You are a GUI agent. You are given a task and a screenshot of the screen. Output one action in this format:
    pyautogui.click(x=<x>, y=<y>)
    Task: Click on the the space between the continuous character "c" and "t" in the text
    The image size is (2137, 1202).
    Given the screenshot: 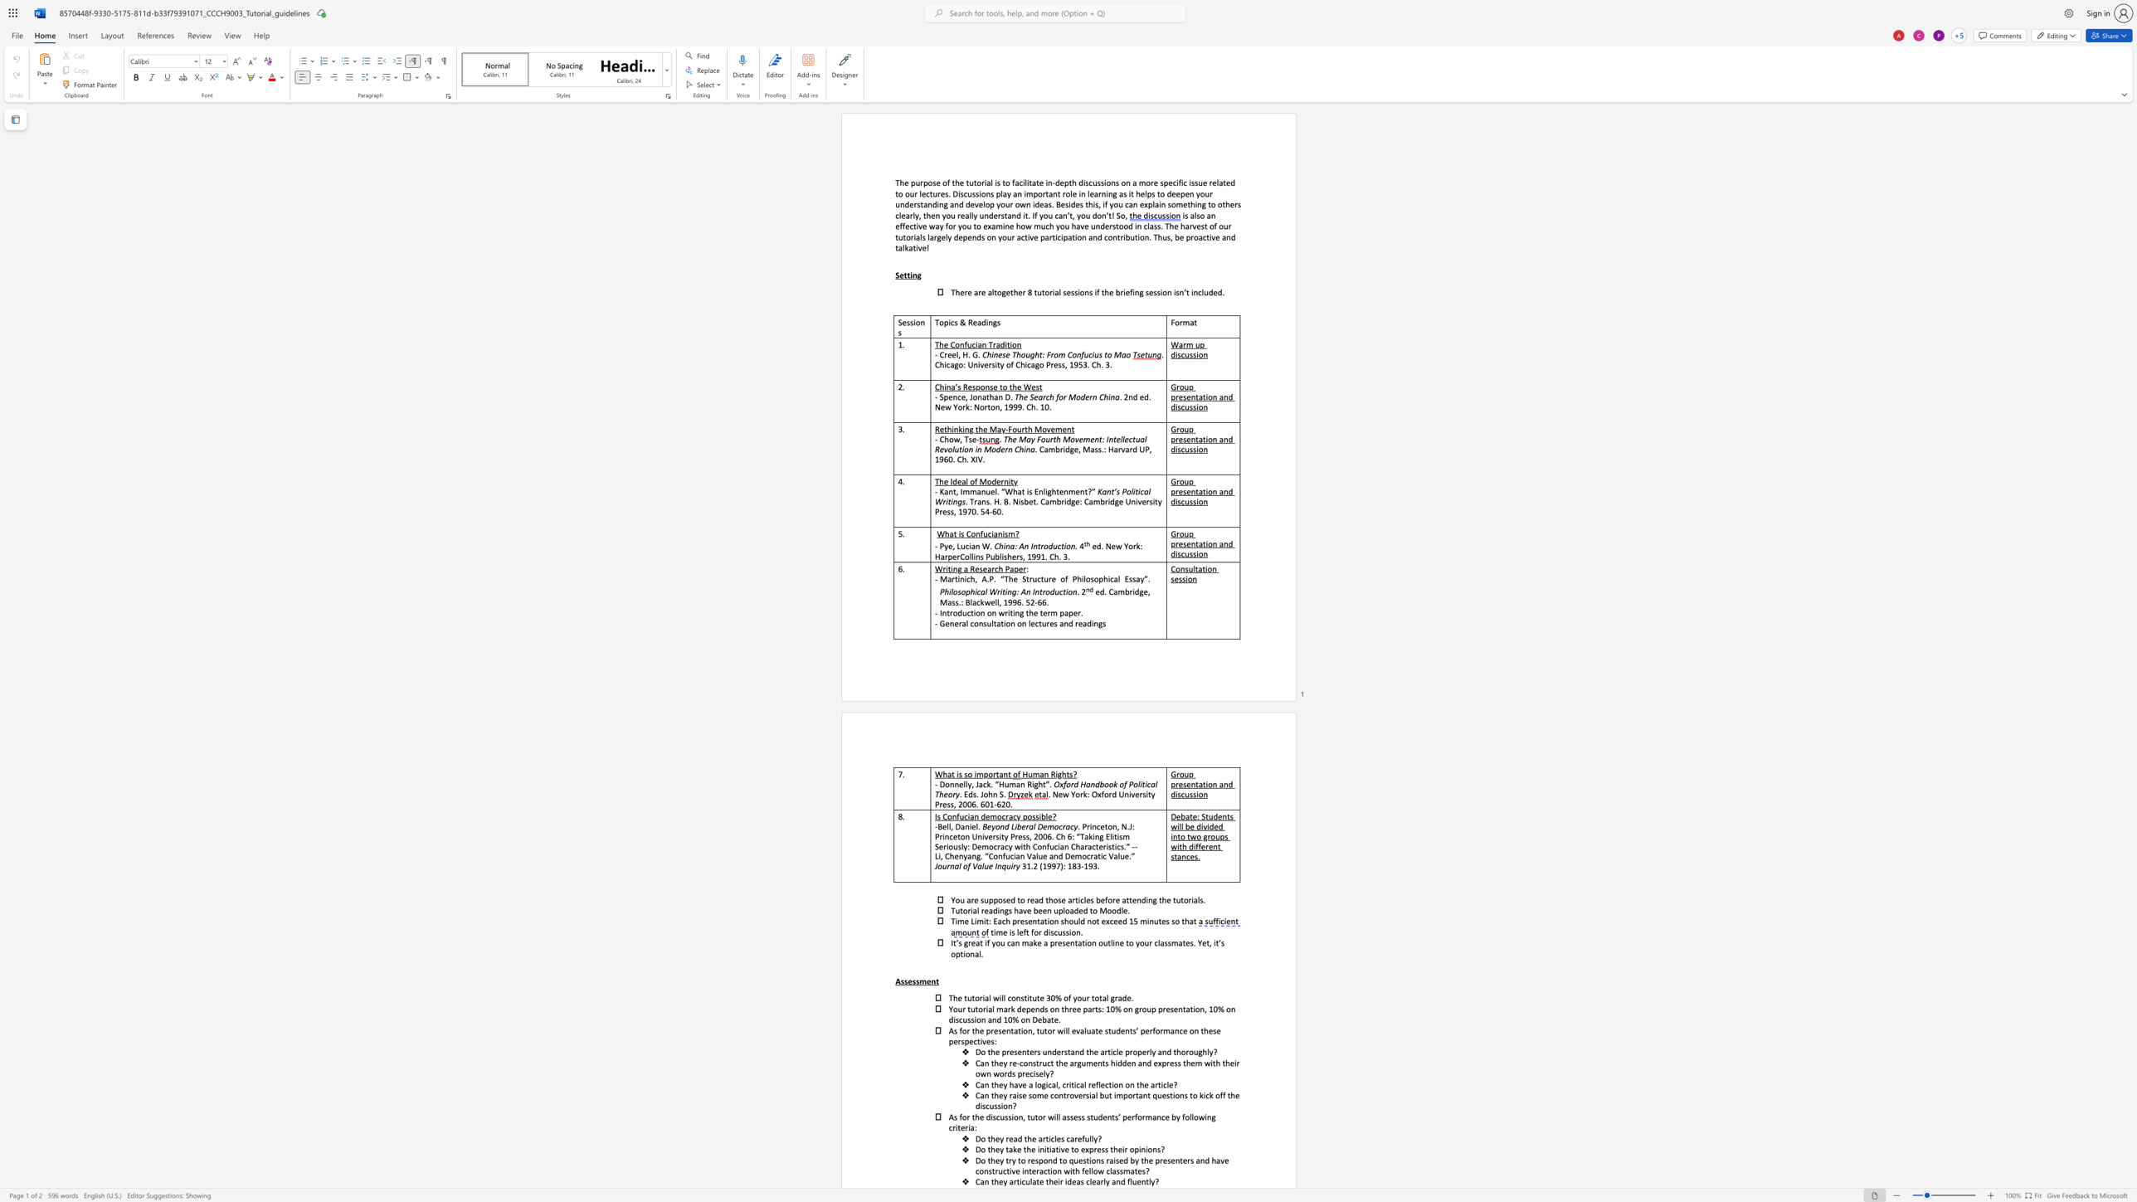 What is the action you would take?
    pyautogui.click(x=1024, y=236)
    